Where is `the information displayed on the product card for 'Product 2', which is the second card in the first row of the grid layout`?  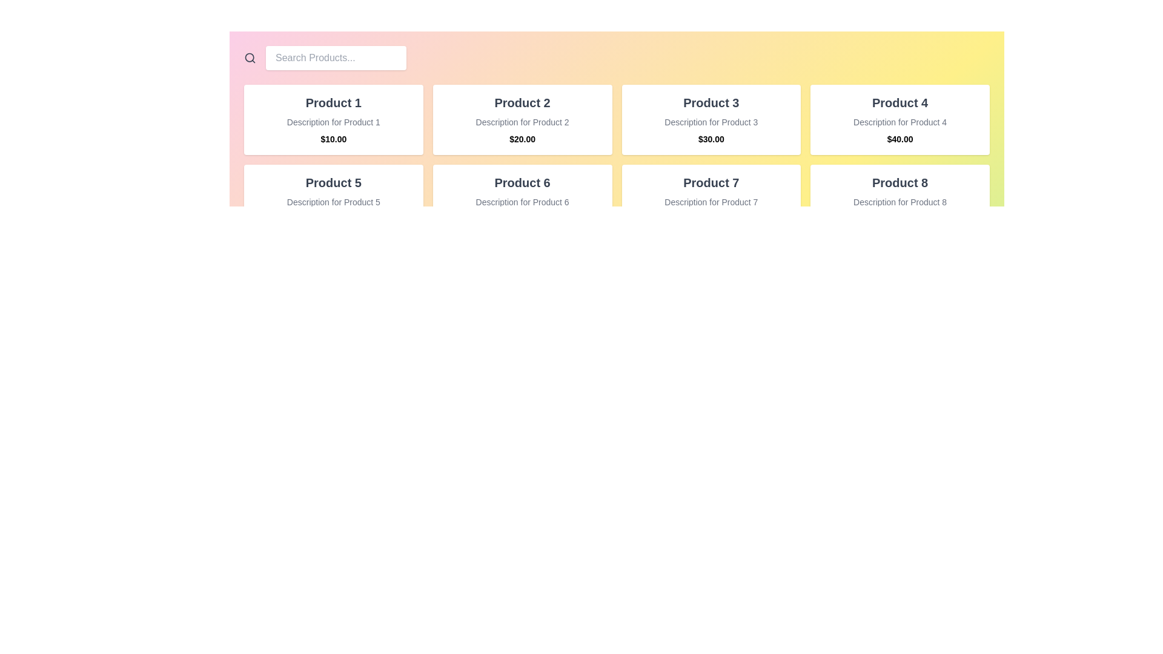 the information displayed on the product card for 'Product 2', which is the second card in the first row of the grid layout is located at coordinates (522, 119).